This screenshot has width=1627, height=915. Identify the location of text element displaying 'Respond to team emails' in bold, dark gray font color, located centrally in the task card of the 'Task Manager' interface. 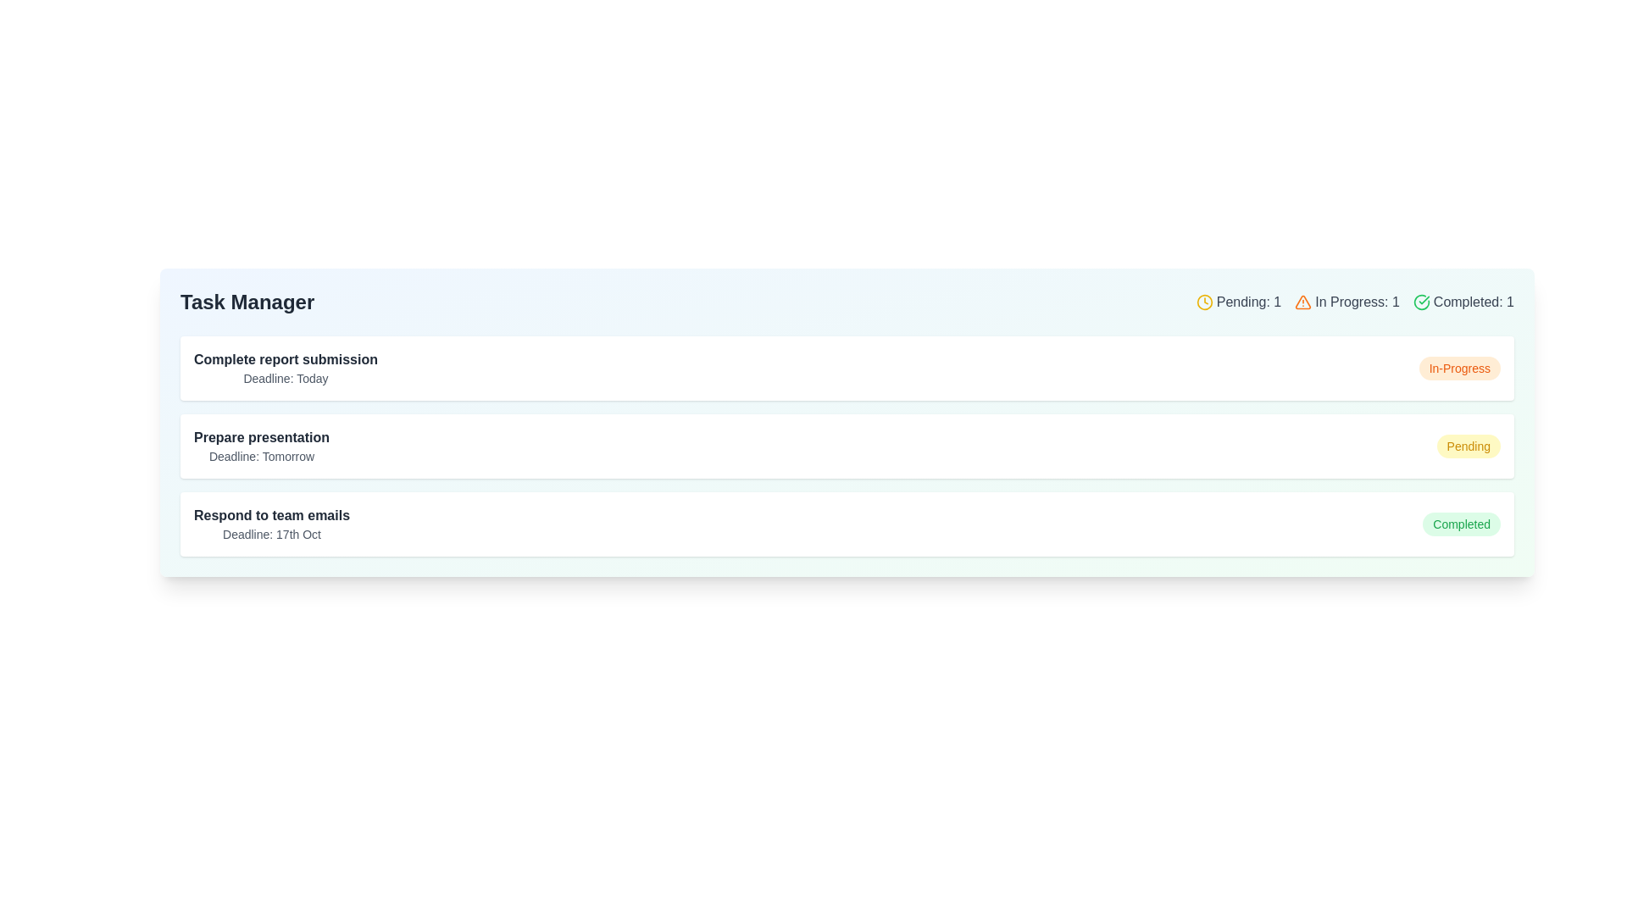
(272, 515).